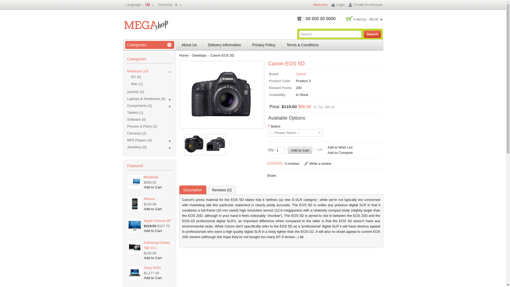 The width and height of the screenshot is (510, 287). I want to click on 'Login', so click(331, 5).